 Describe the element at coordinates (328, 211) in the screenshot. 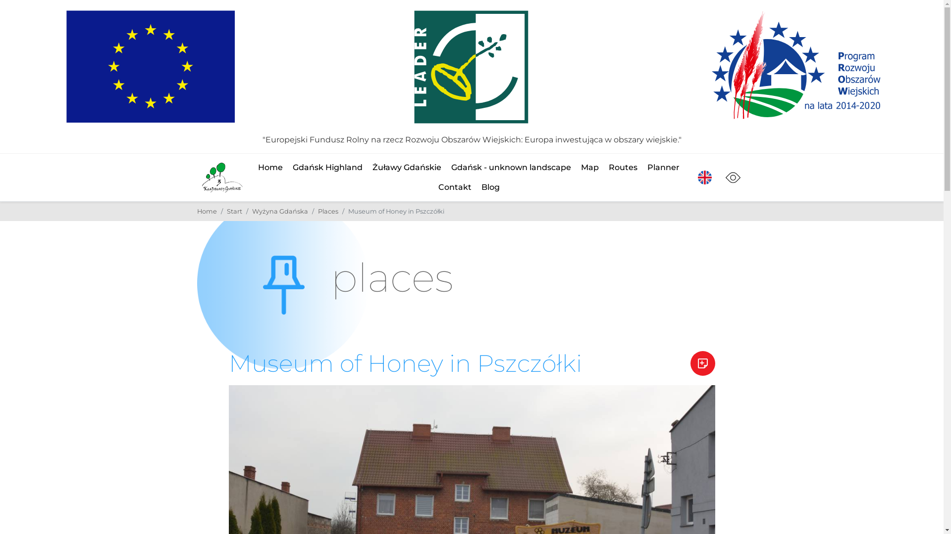

I see `'Places'` at that location.